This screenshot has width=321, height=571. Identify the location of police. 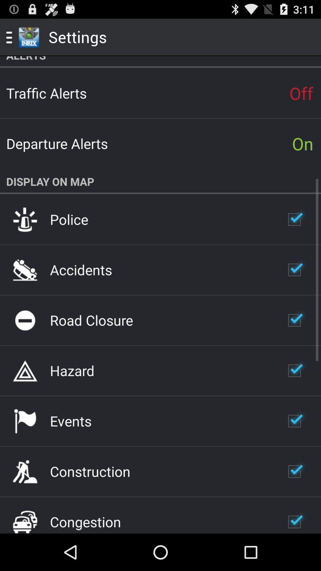
(69, 219).